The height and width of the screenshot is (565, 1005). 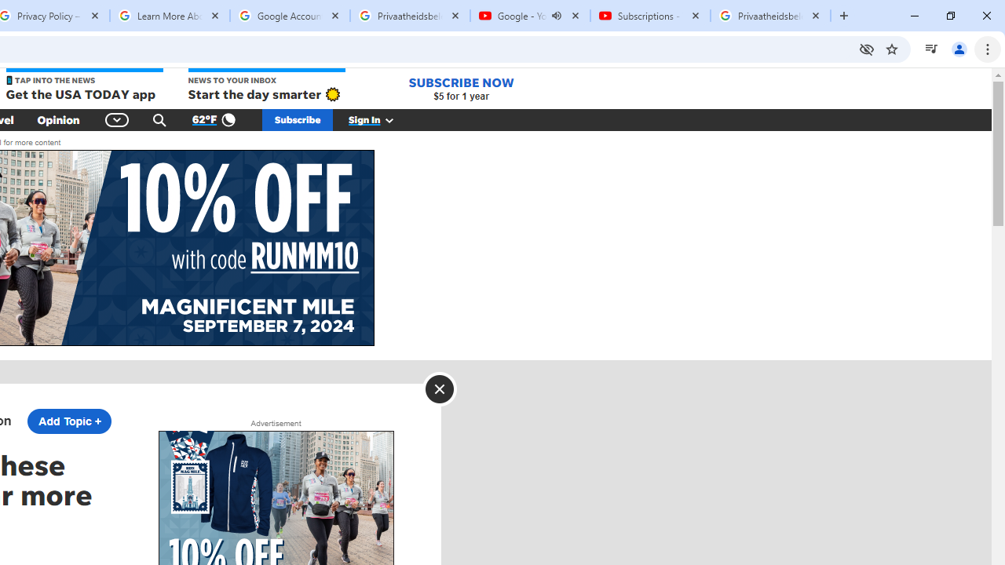 I want to click on 'Opinion', so click(x=58, y=119).